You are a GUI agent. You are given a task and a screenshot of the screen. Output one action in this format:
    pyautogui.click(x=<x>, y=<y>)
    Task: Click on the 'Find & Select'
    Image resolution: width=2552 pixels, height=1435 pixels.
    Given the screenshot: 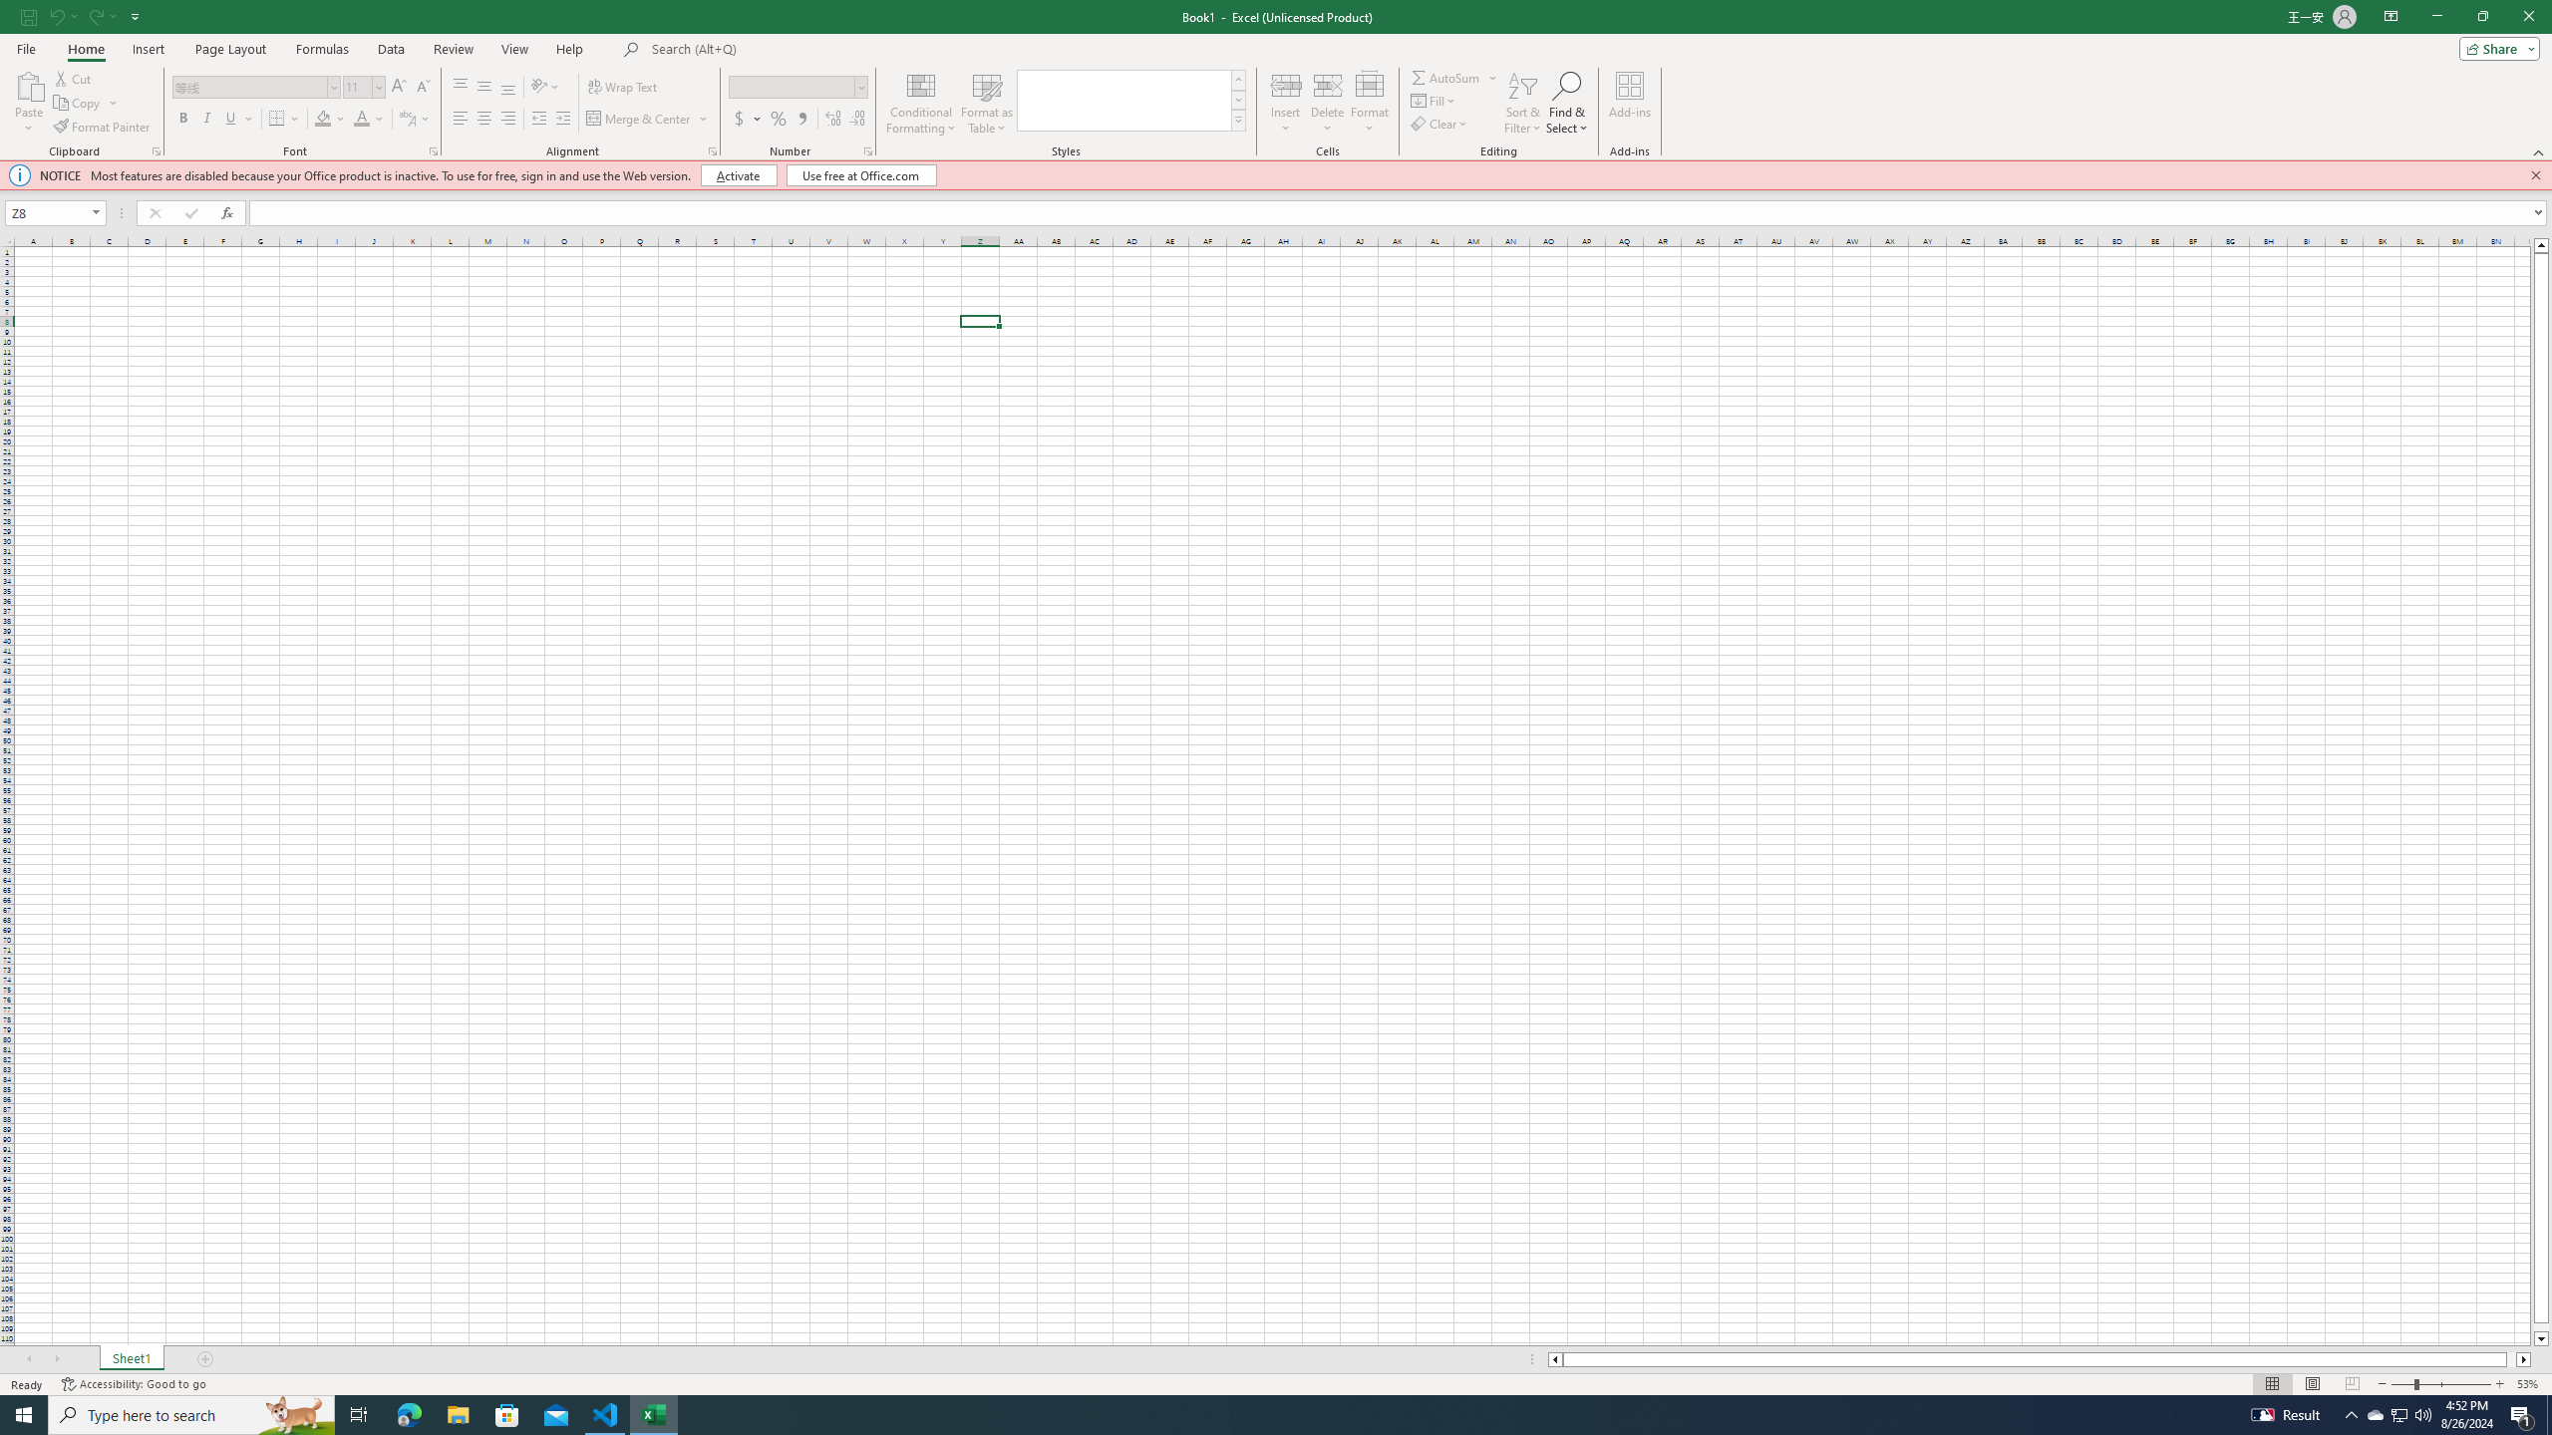 What is the action you would take?
    pyautogui.click(x=1565, y=103)
    